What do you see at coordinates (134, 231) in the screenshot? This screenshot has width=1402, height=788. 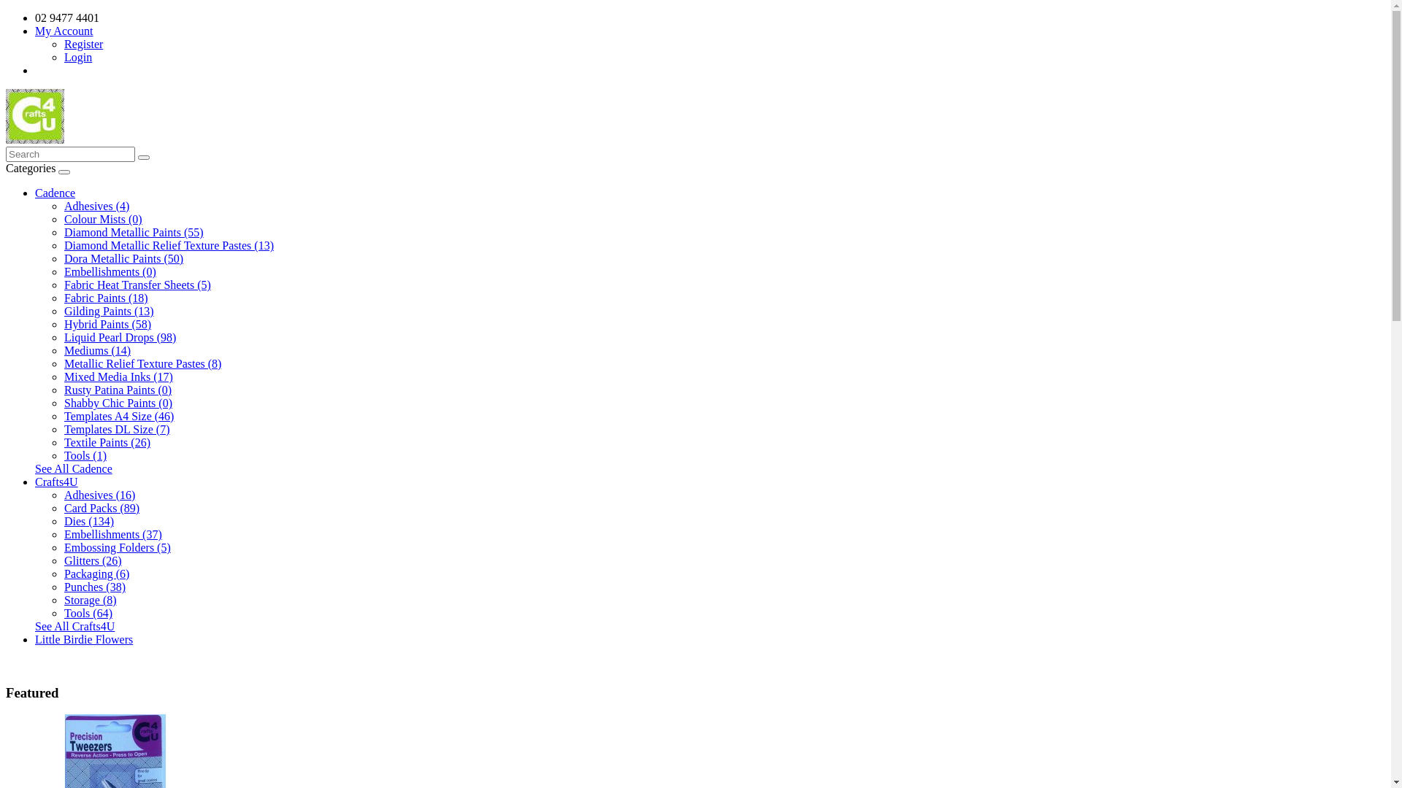 I see `'Diamond Metallic Paints (55)'` at bounding box center [134, 231].